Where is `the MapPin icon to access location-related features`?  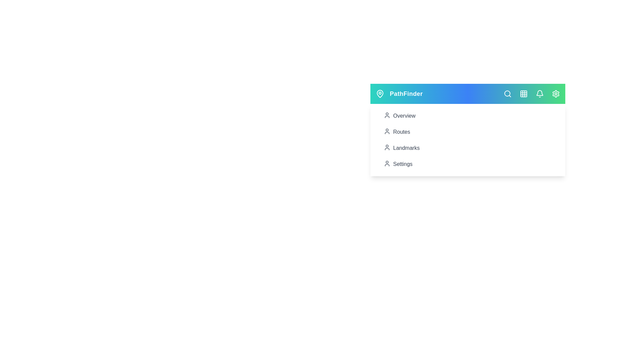
the MapPin icon to access location-related features is located at coordinates (380, 94).